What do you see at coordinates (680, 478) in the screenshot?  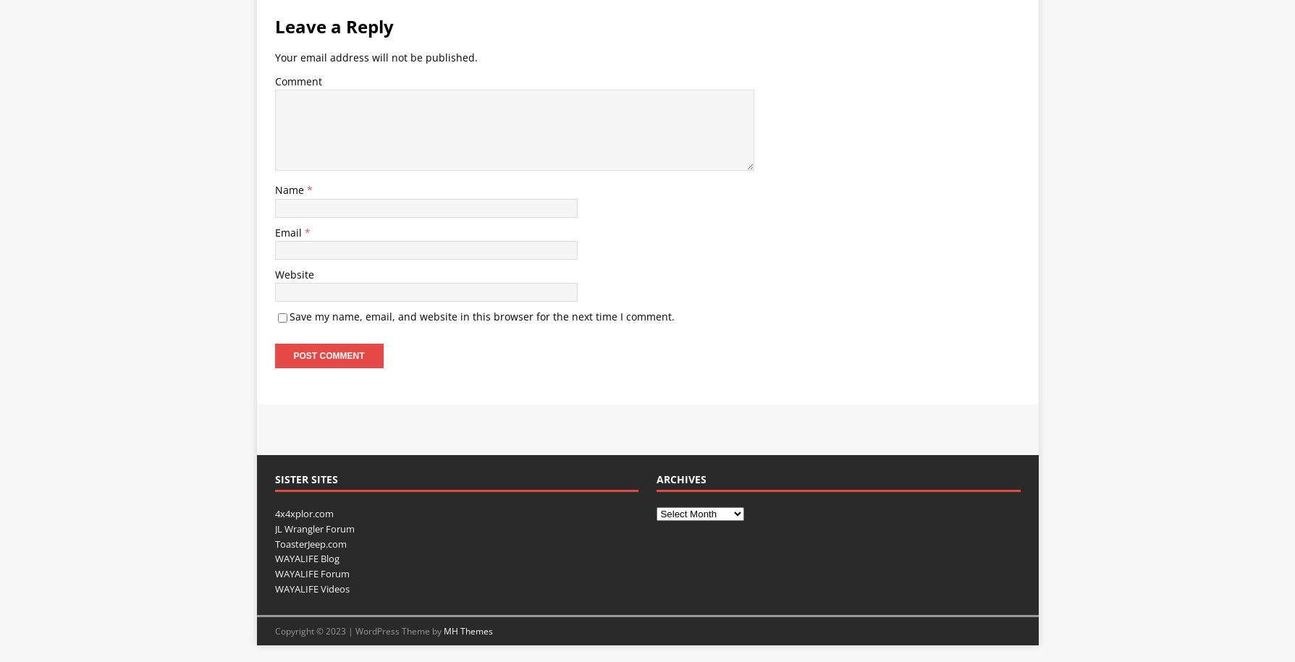 I see `'Archives'` at bounding box center [680, 478].